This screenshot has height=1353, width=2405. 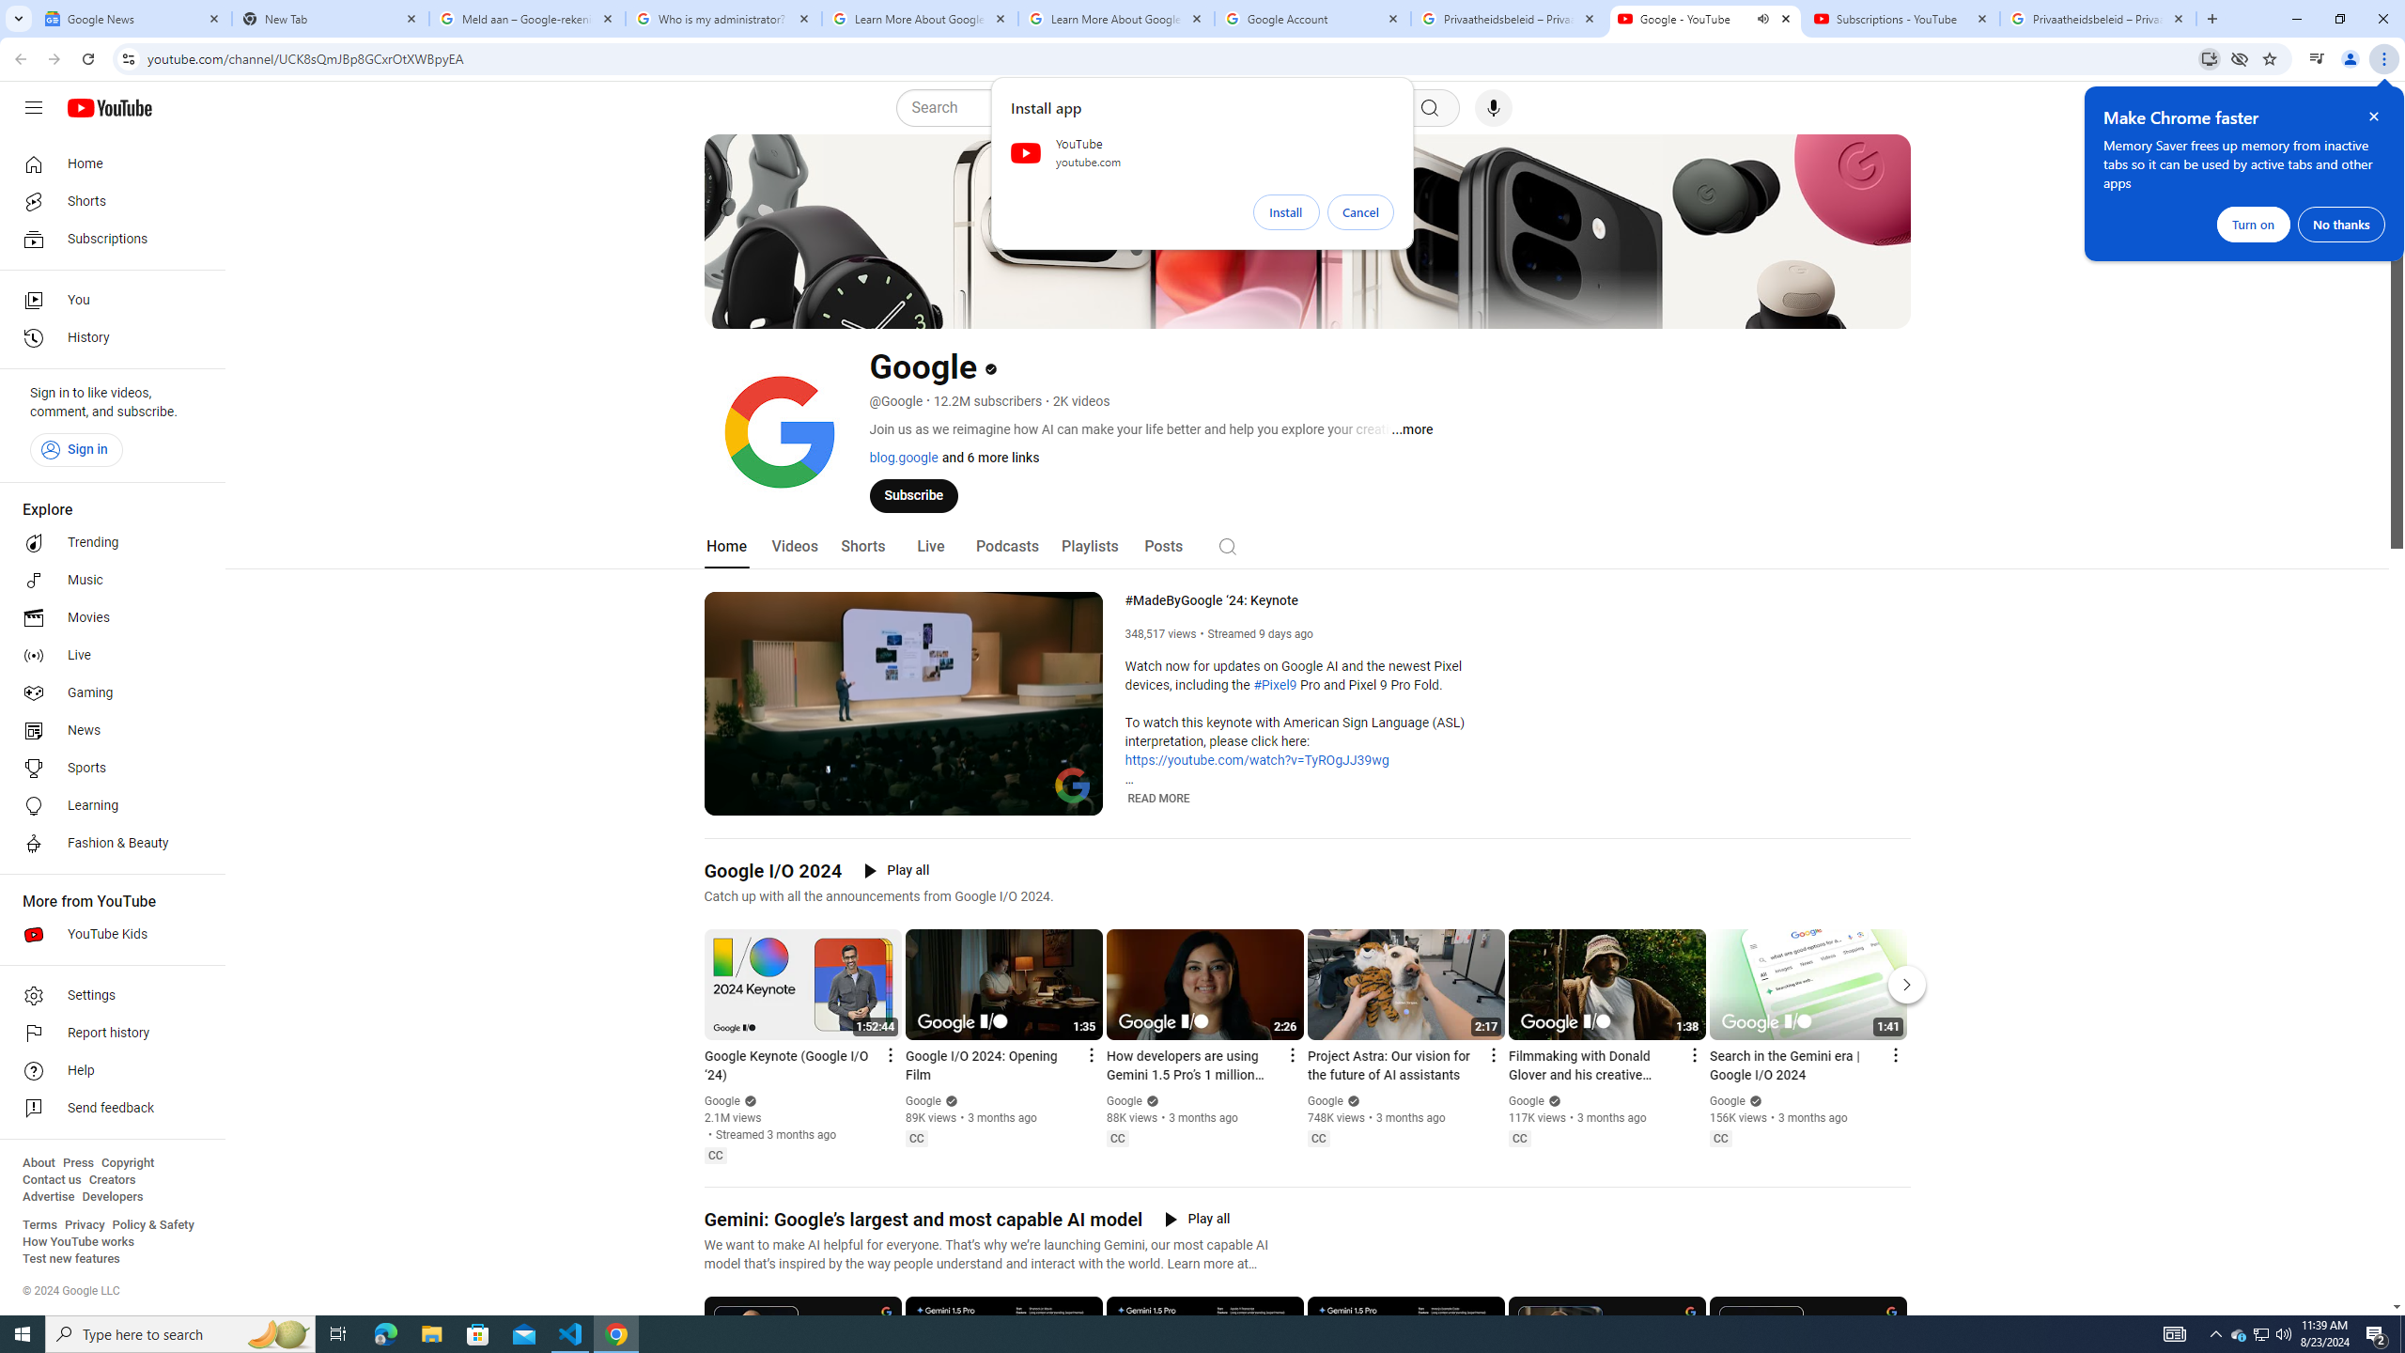 What do you see at coordinates (903, 457) in the screenshot?
I see `'blog.google'` at bounding box center [903, 457].